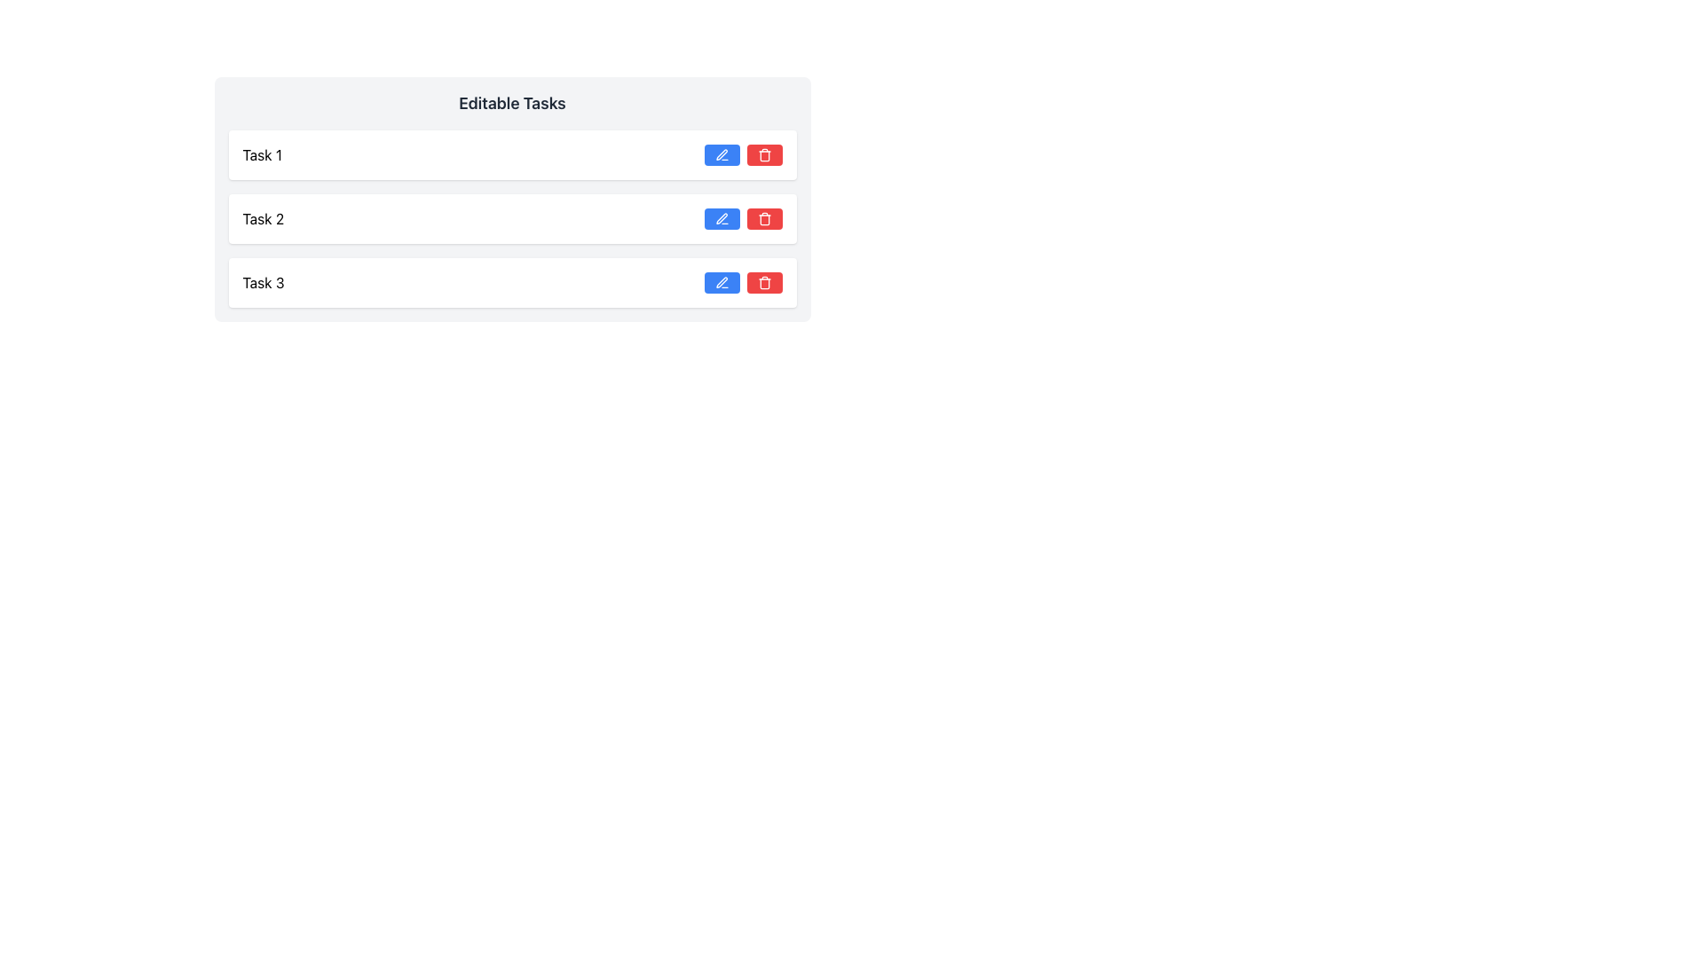 Image resolution: width=1704 pixels, height=958 pixels. I want to click on the delete button located to the right of the blue pen icon button in the third task row to confirm the deletion of the associated task, so click(764, 282).